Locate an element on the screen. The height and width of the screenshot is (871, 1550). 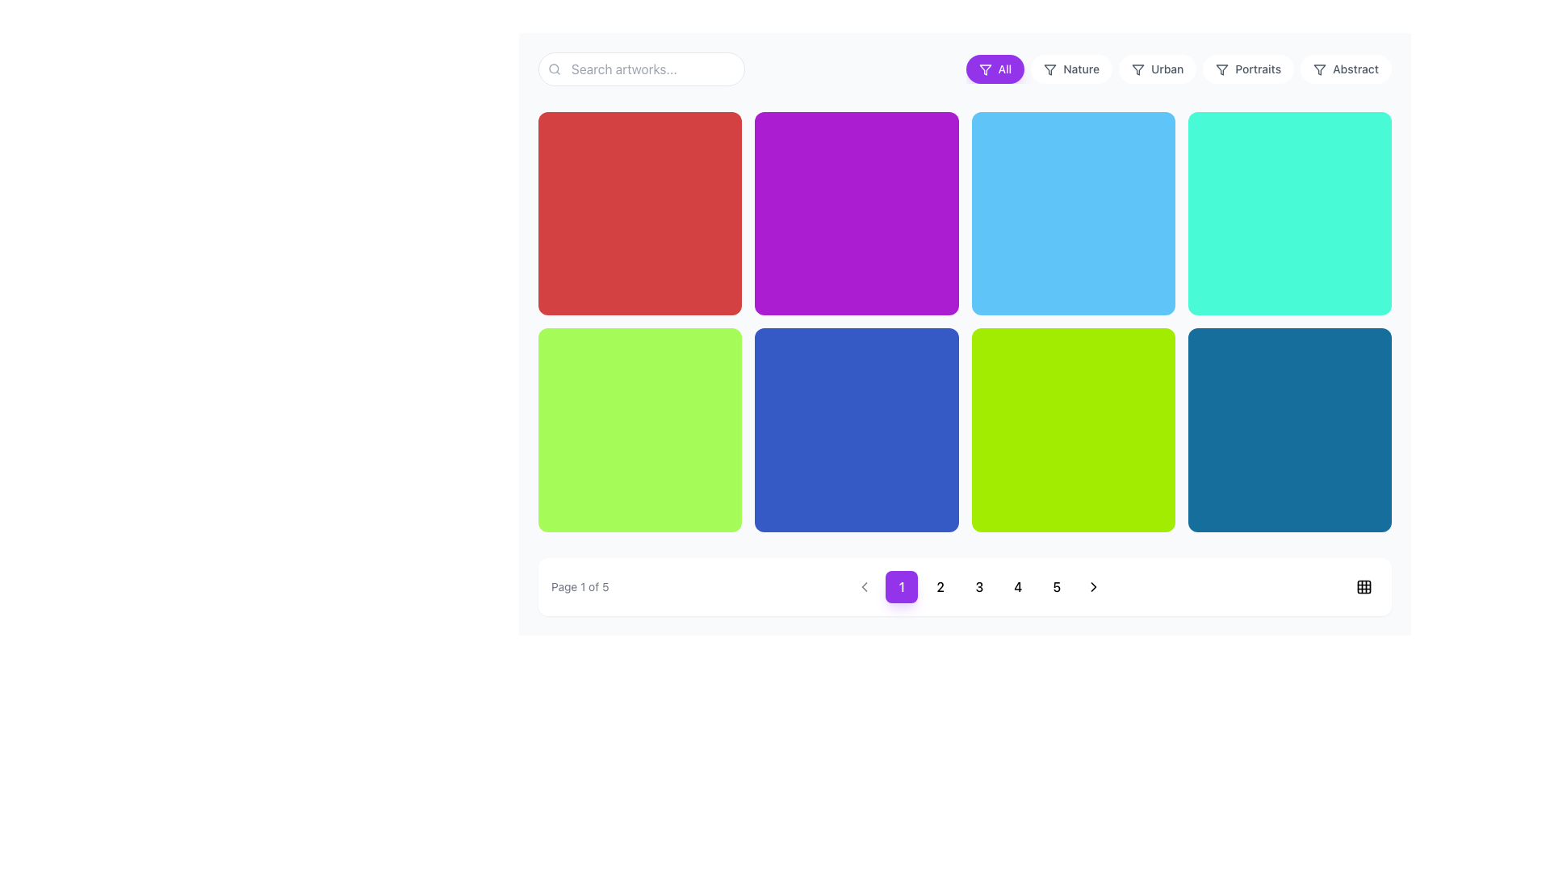
the filter icon within the 'portraits' button, which has a minimalistic outline design and is located in the upper-right section of the interface is located at coordinates (1222, 69).